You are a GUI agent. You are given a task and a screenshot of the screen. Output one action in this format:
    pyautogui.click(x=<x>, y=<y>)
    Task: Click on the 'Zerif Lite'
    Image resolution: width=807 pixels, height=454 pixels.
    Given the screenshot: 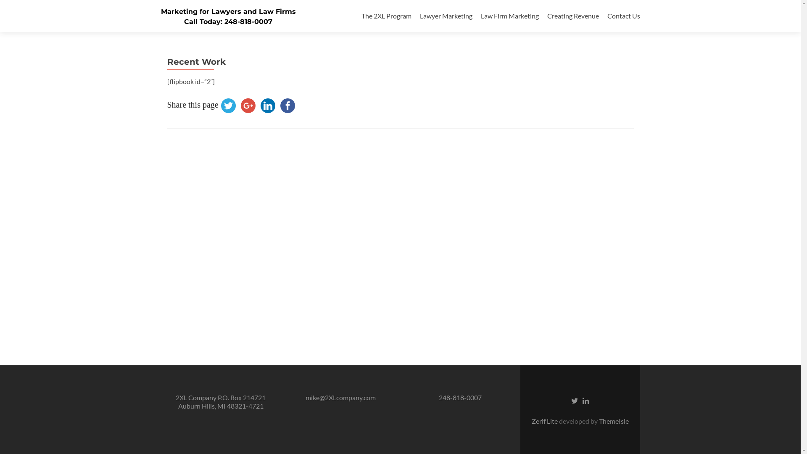 What is the action you would take?
    pyautogui.click(x=545, y=421)
    